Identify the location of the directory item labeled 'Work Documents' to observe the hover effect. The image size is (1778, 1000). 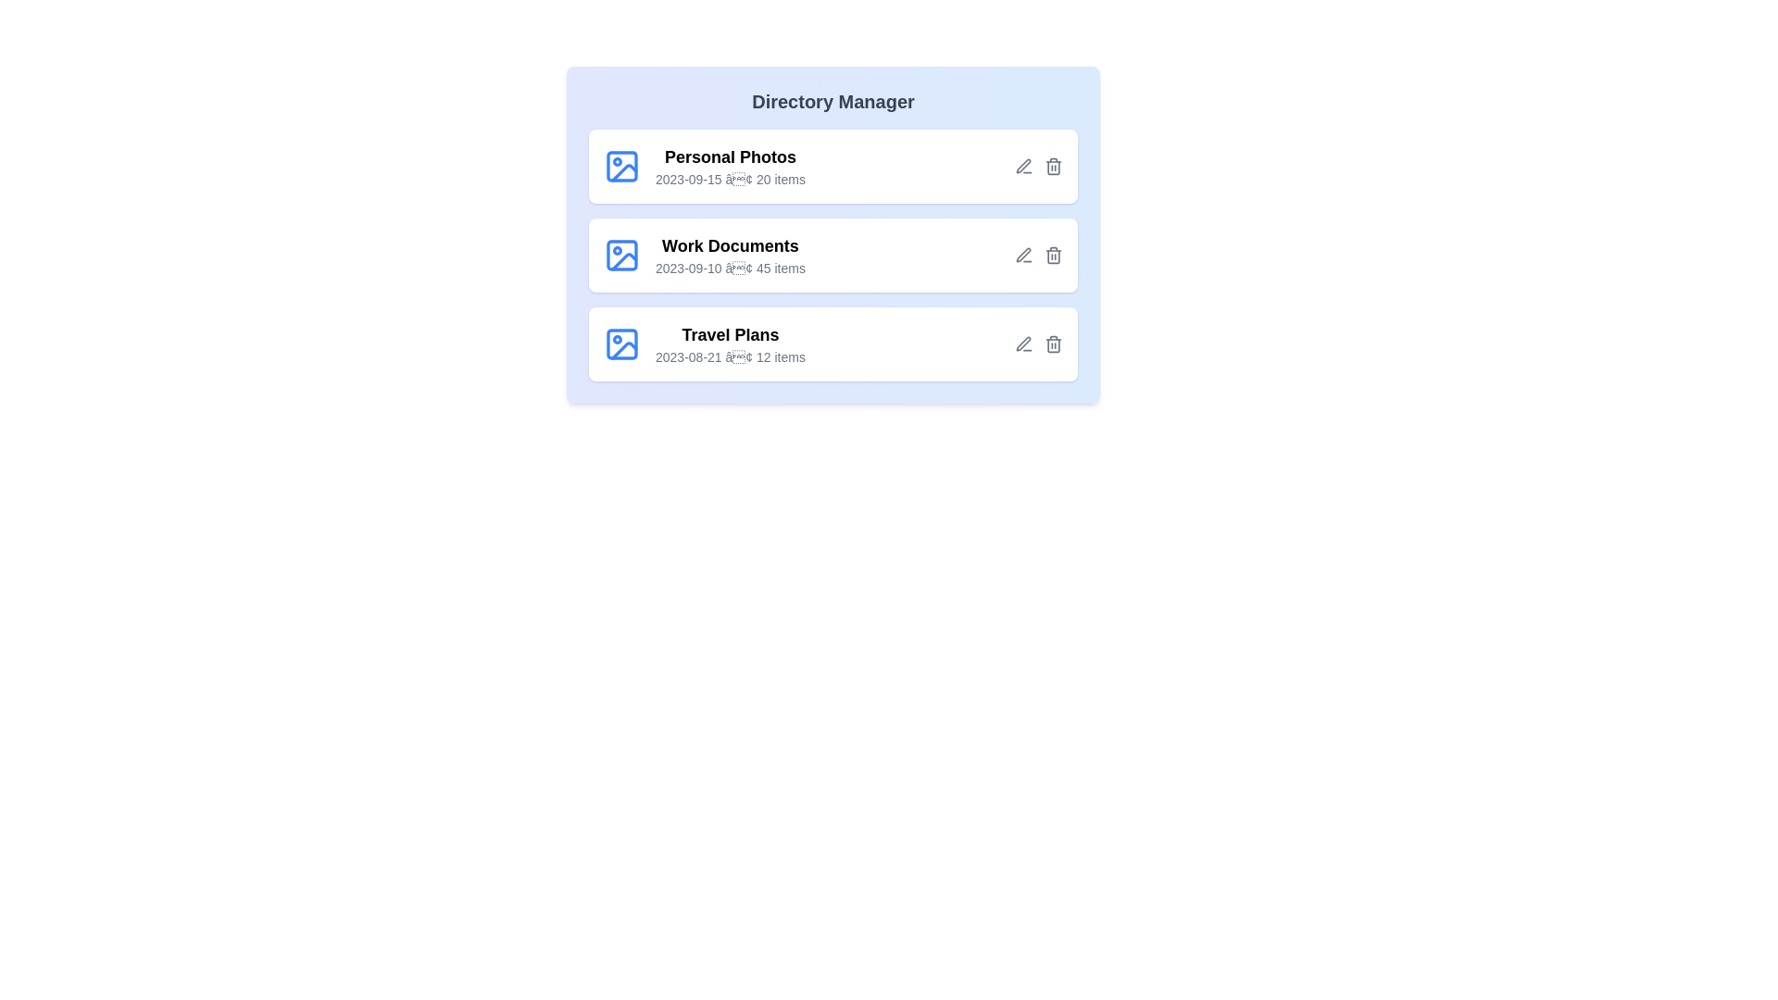
(833, 256).